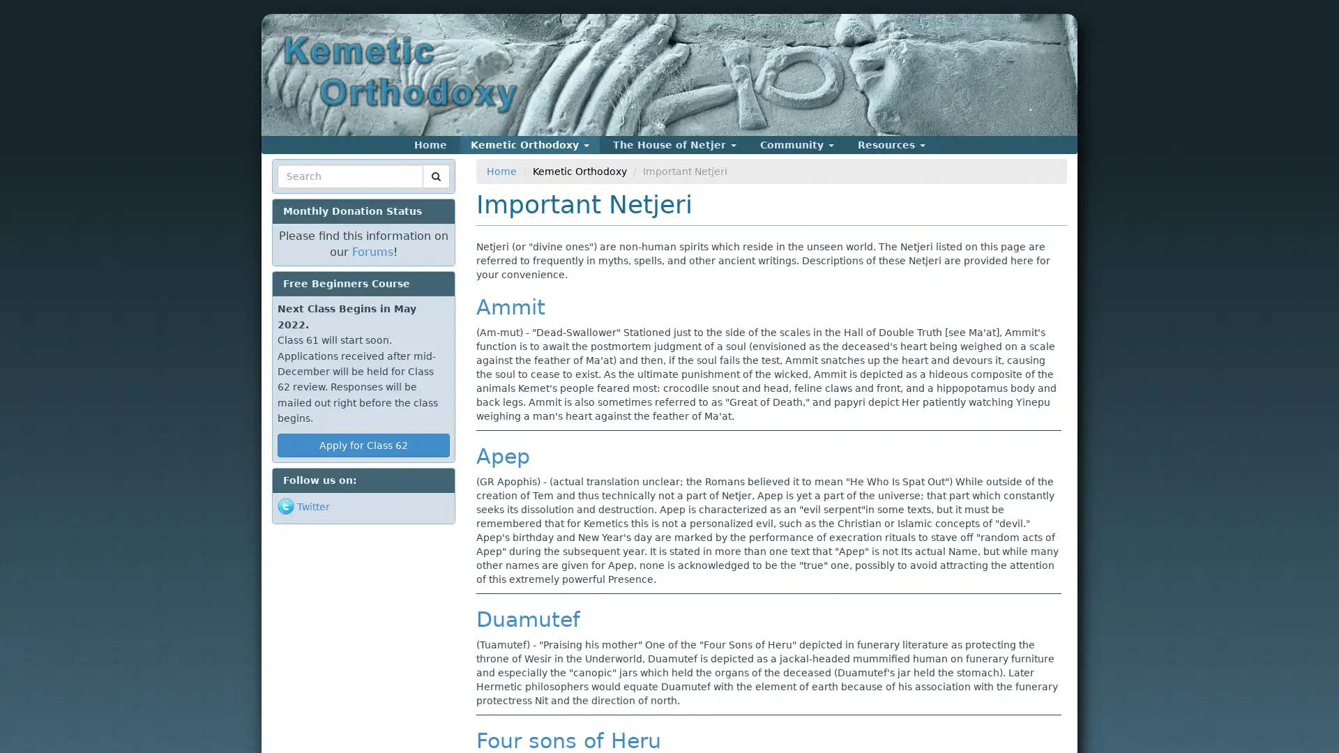 The height and width of the screenshot is (753, 1339). I want to click on Search, so click(303, 193).